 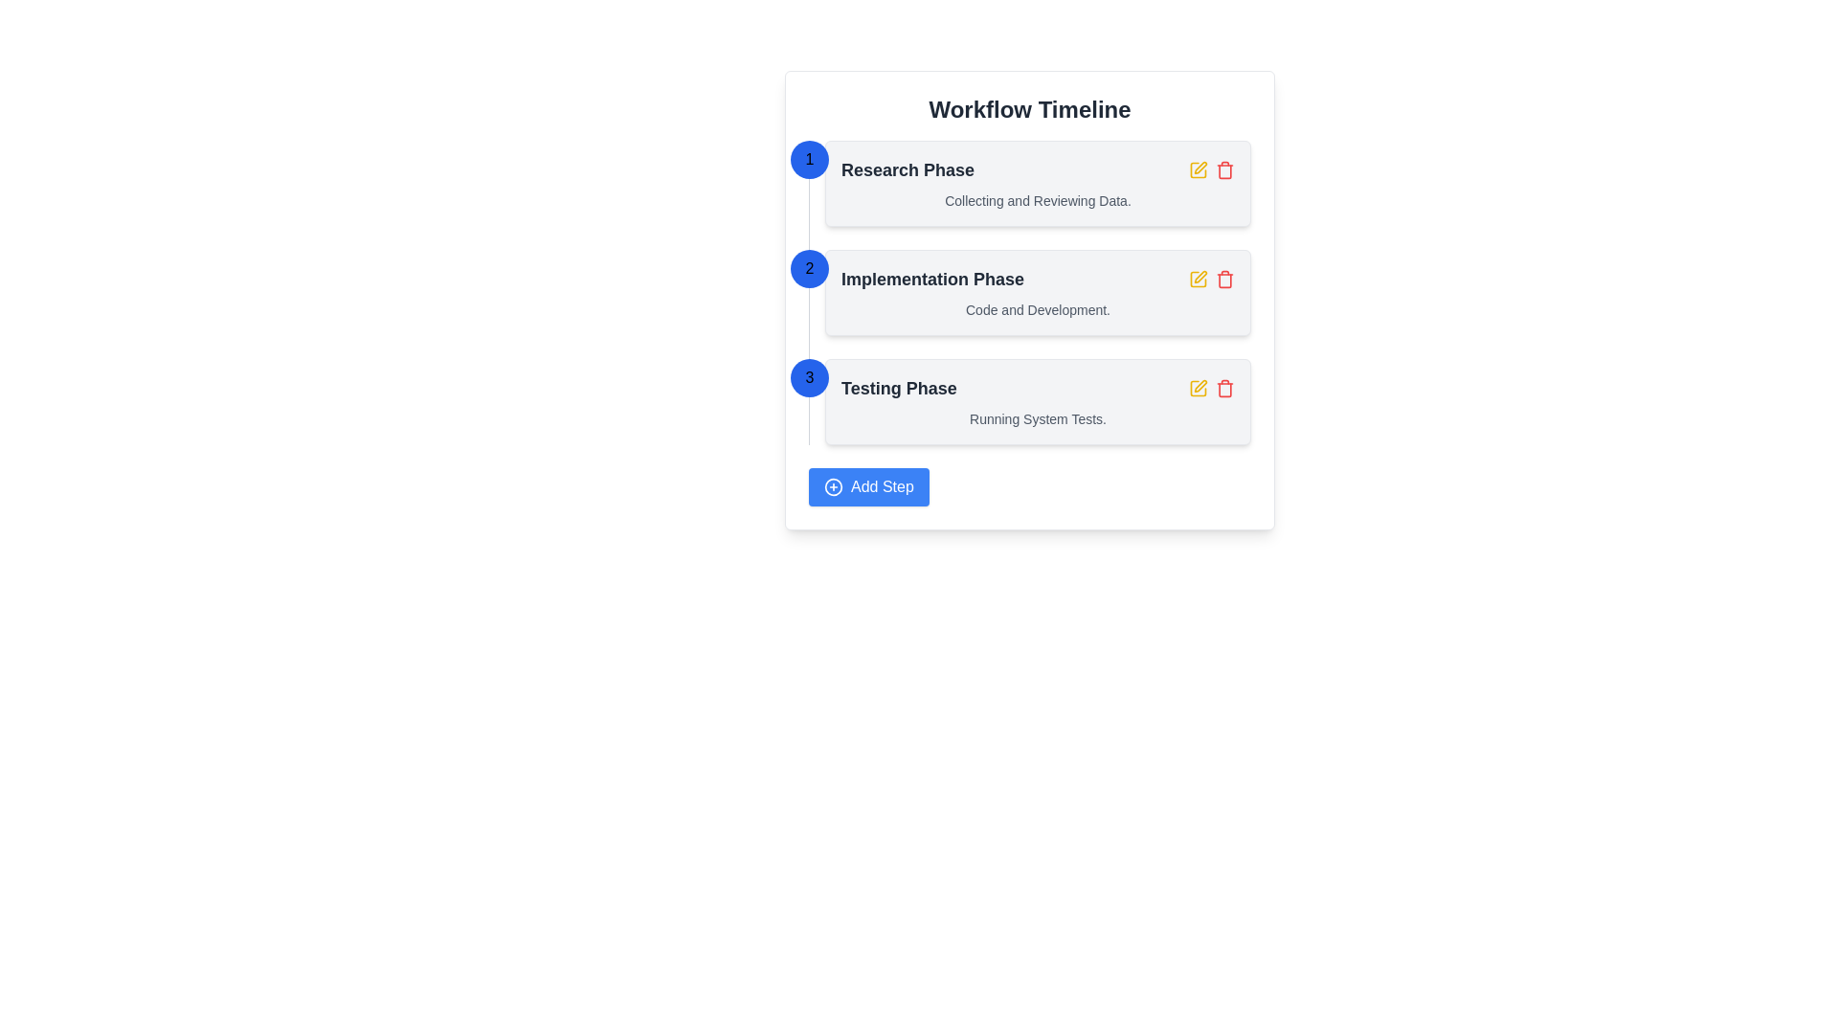 What do you see at coordinates (1037, 184) in the screenshot?
I see `title 'Research Phase' and the description 'Collecting and Reviewing Data.' from the Information Card with a white background and light gray border located at the top of the vertical workflow timeline` at bounding box center [1037, 184].